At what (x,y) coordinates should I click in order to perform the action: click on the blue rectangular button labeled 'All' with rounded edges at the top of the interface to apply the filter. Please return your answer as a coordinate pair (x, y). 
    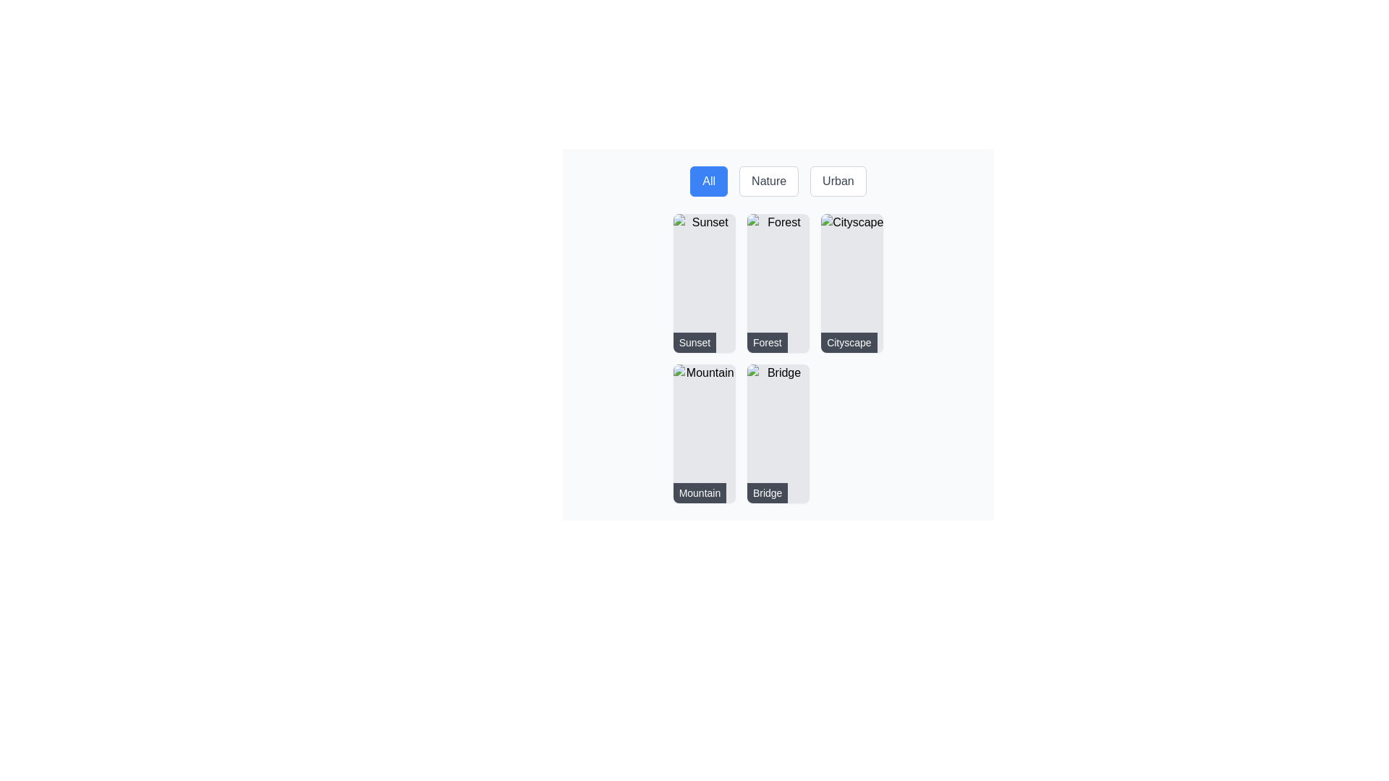
    Looking at the image, I should click on (709, 180).